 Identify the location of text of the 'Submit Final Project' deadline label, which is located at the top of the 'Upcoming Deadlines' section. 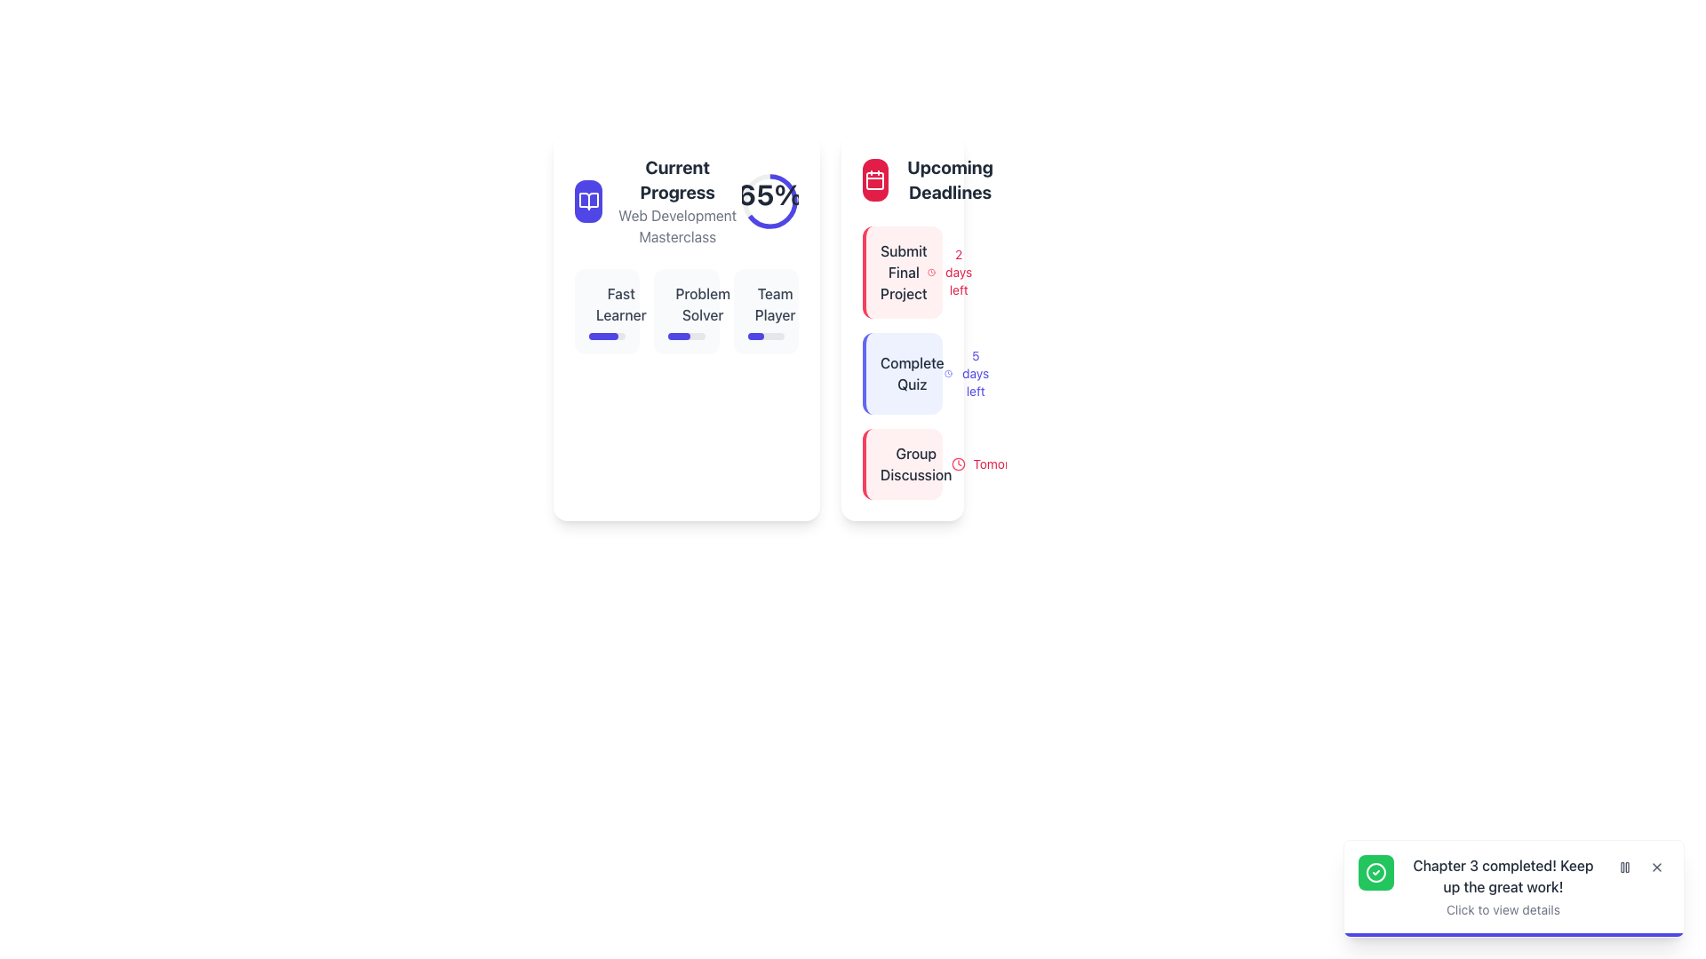
(904, 273).